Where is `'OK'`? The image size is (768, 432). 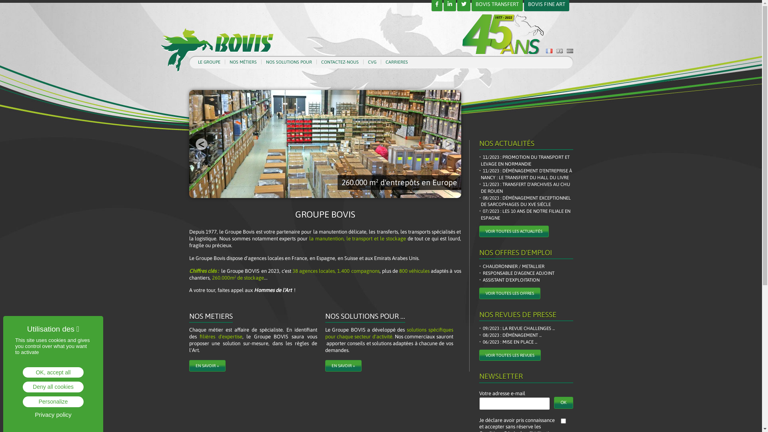
'OK' is located at coordinates (563, 402).